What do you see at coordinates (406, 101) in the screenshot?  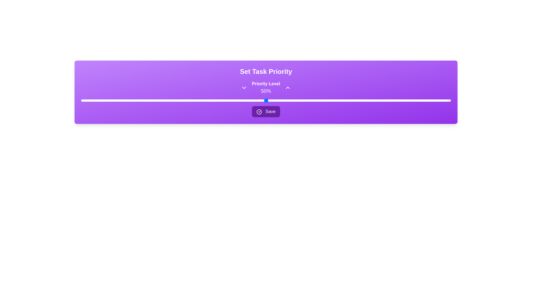 I see `the priority level` at bounding box center [406, 101].